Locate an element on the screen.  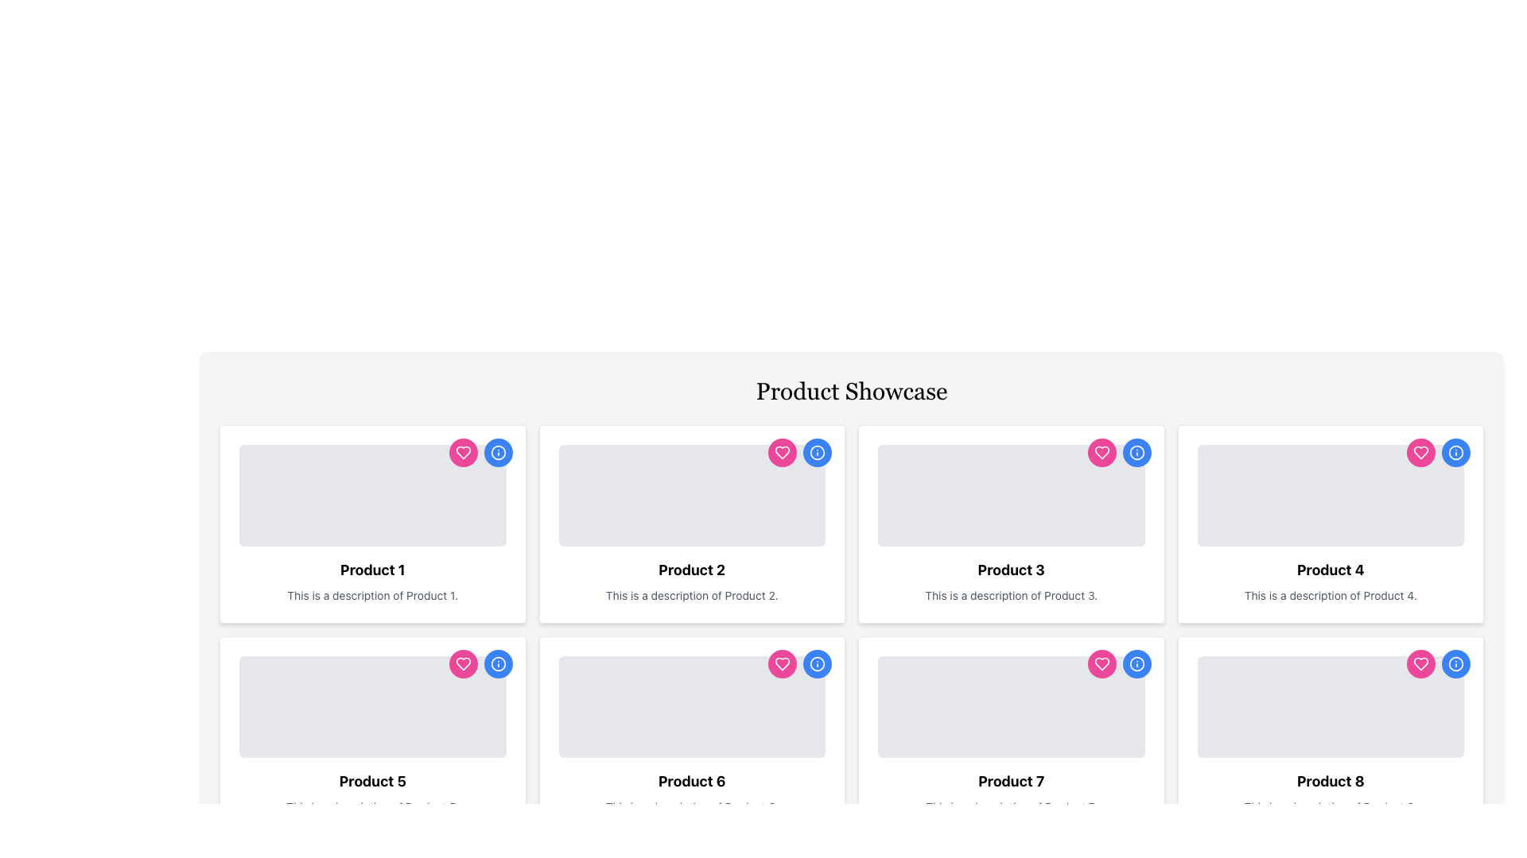
the pink heart icon button in the top-right corner of the 'Product 5' card to like the product is located at coordinates (480, 664).